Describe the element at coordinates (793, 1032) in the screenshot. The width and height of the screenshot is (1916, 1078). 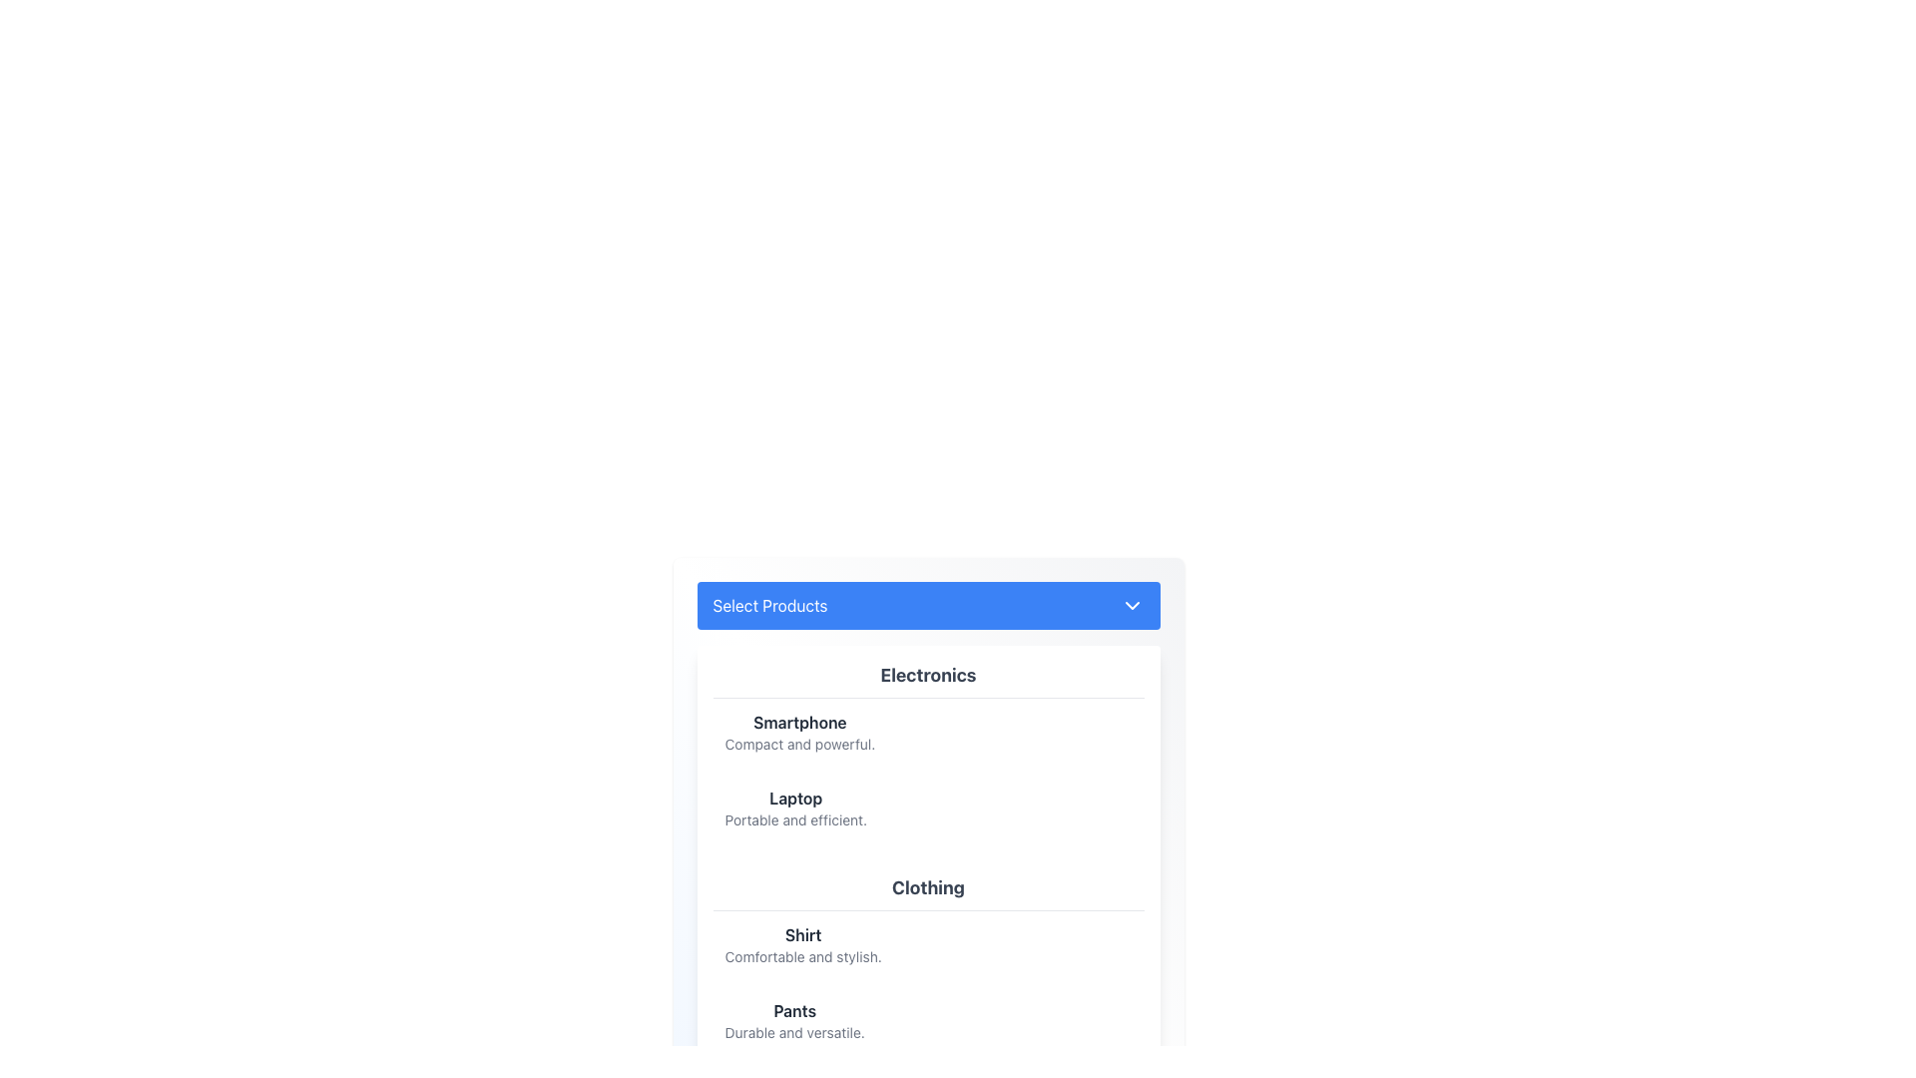
I see `the text component containing the phrase 'Durable and versatile.' which is styled in gray color and located below the bold 'Pants' heading within the 'Clothing' section` at that location.